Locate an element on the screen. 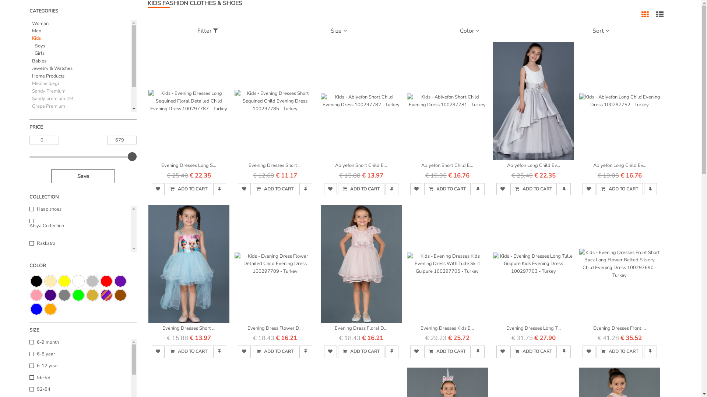  'Crepe Premium' is located at coordinates (48, 106).